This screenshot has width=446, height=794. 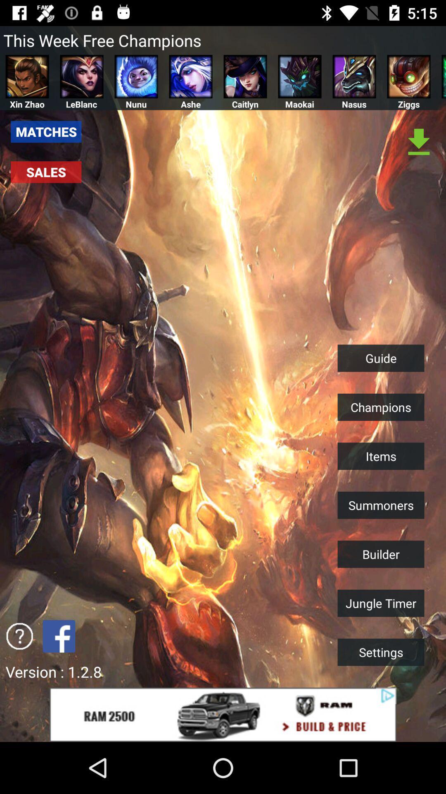 What do you see at coordinates (419, 143) in the screenshot?
I see `the file_download icon` at bounding box center [419, 143].